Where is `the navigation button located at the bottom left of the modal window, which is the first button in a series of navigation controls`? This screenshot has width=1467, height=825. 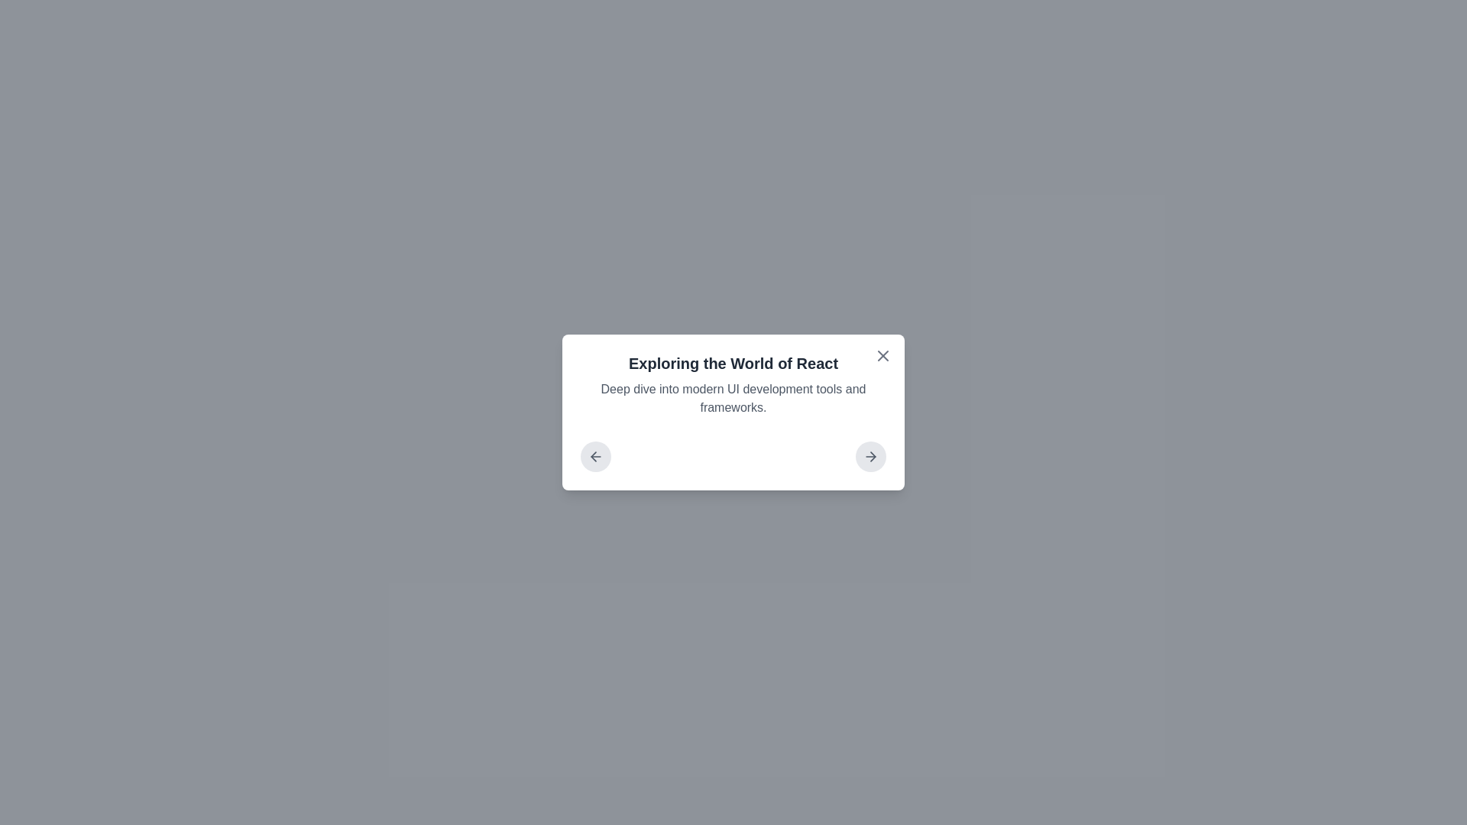 the navigation button located at the bottom left of the modal window, which is the first button in a series of navigation controls is located at coordinates (594, 455).